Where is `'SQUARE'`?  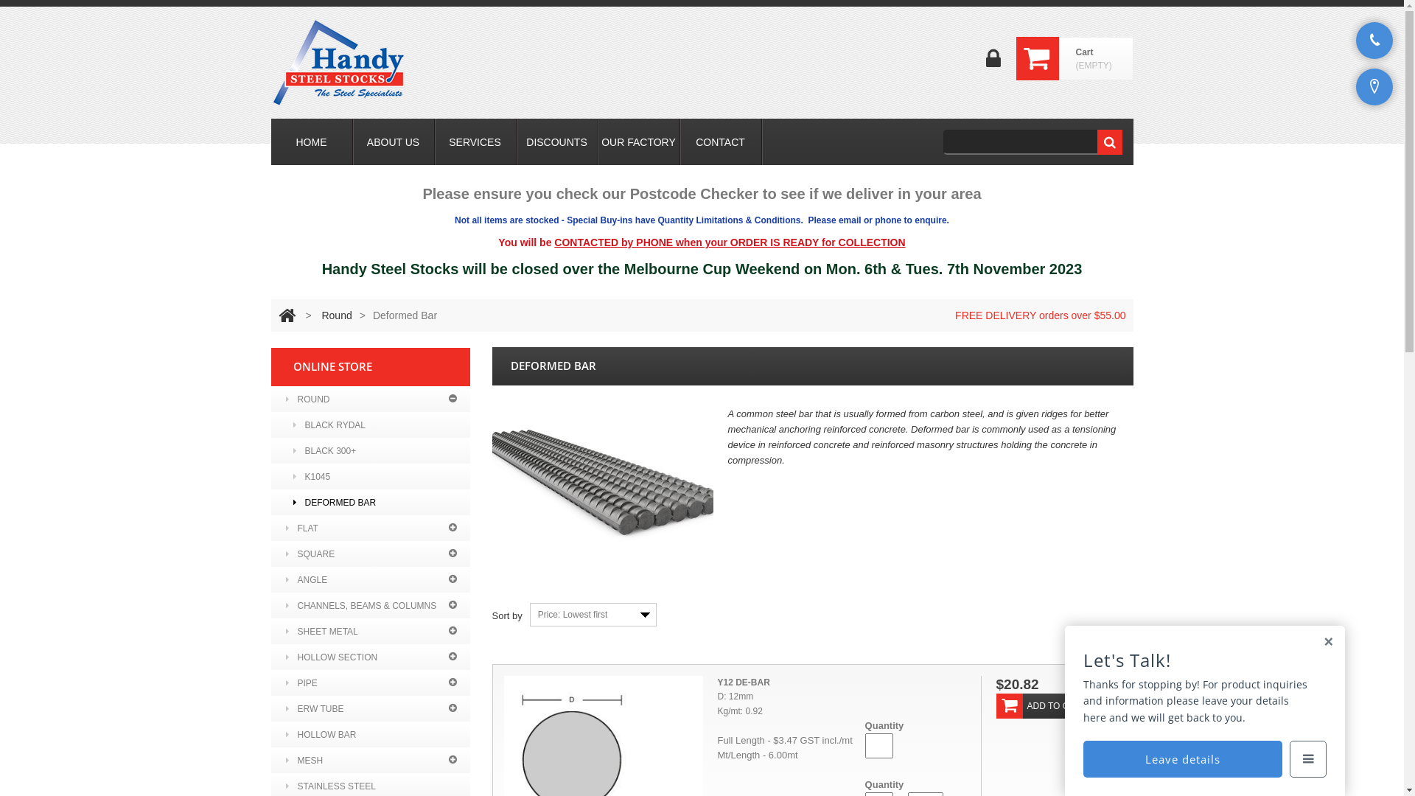 'SQUARE' is located at coordinates (271, 554).